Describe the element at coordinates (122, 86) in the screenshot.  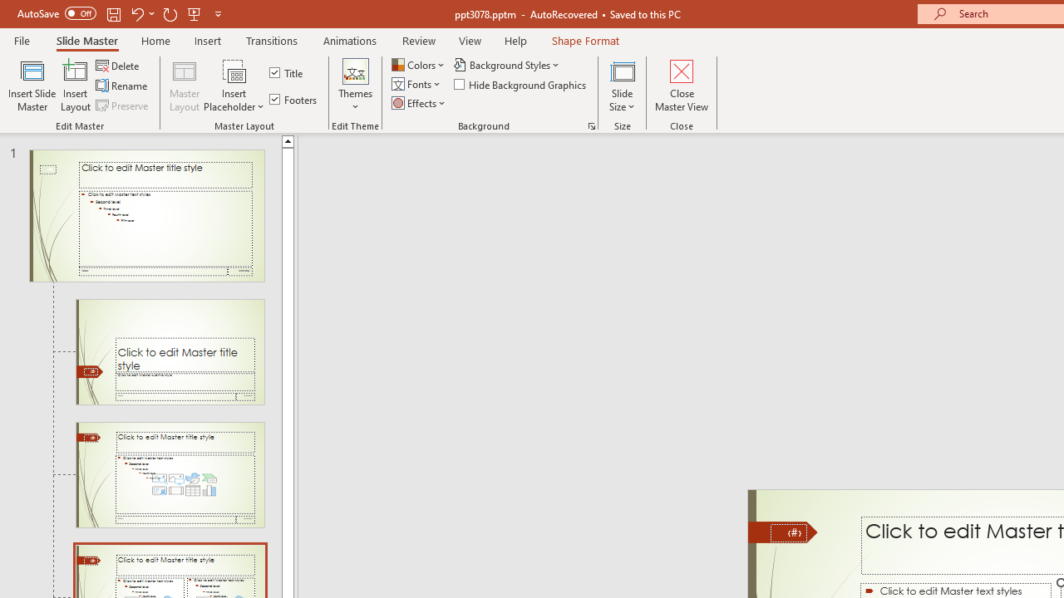
I see `'Rename'` at that location.